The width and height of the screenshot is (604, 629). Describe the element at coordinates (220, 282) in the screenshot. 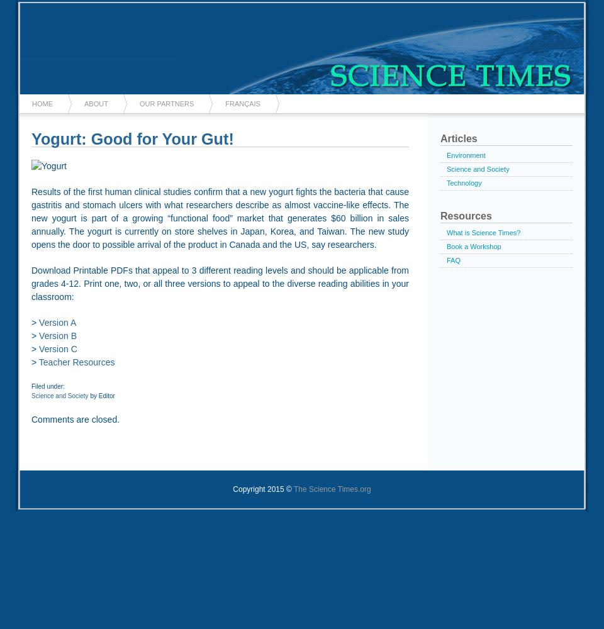

I see `'Download Printable PDFs that appeal to 3 different reading levels and should be applicable from grades 4-12. Print one, two, or all three versions to appeal to the diverse reading abilities in your classroom:'` at that location.